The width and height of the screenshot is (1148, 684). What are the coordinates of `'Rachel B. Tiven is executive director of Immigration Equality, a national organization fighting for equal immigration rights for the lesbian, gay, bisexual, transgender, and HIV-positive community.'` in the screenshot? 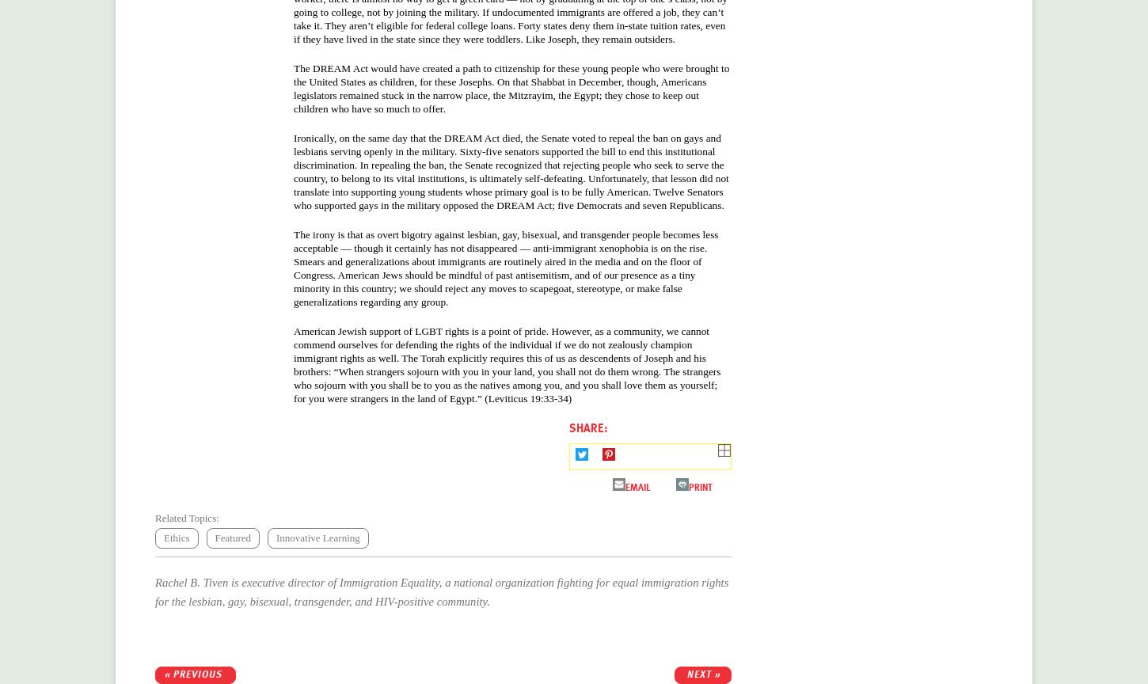 It's located at (441, 591).